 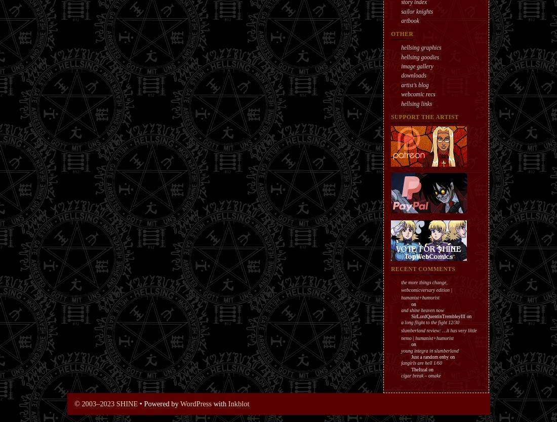 What do you see at coordinates (410, 20) in the screenshot?
I see `'Artbook'` at bounding box center [410, 20].